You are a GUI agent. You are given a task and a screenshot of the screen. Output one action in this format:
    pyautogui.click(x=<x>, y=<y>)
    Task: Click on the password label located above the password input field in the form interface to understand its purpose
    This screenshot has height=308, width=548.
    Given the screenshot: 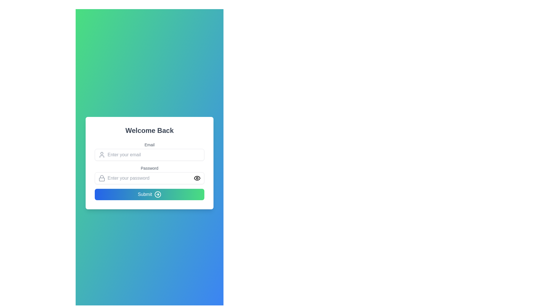 What is the action you would take?
    pyautogui.click(x=149, y=168)
    